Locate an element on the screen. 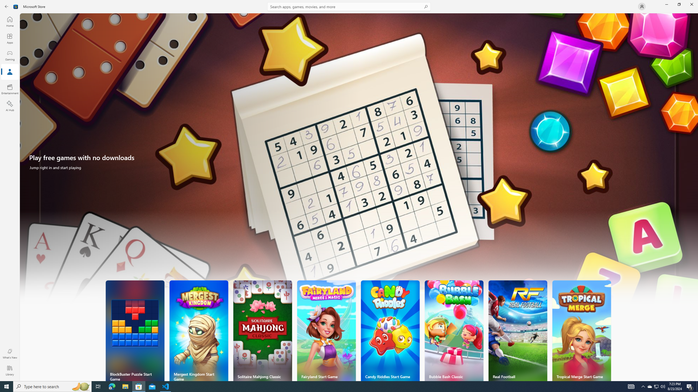  'Minimize Microsoft Store' is located at coordinates (666, 4).